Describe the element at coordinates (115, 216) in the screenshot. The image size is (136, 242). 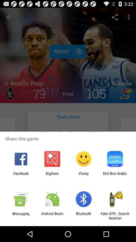
I see `the fake gps search` at that location.